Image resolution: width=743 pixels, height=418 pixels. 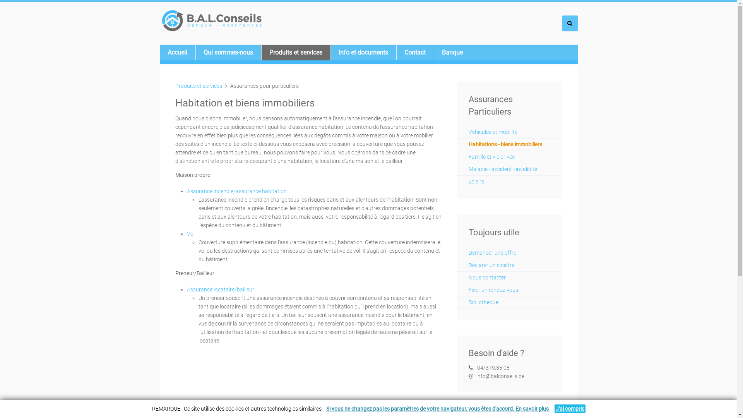 I want to click on 'Fixer un rendez-vous', so click(x=509, y=290).